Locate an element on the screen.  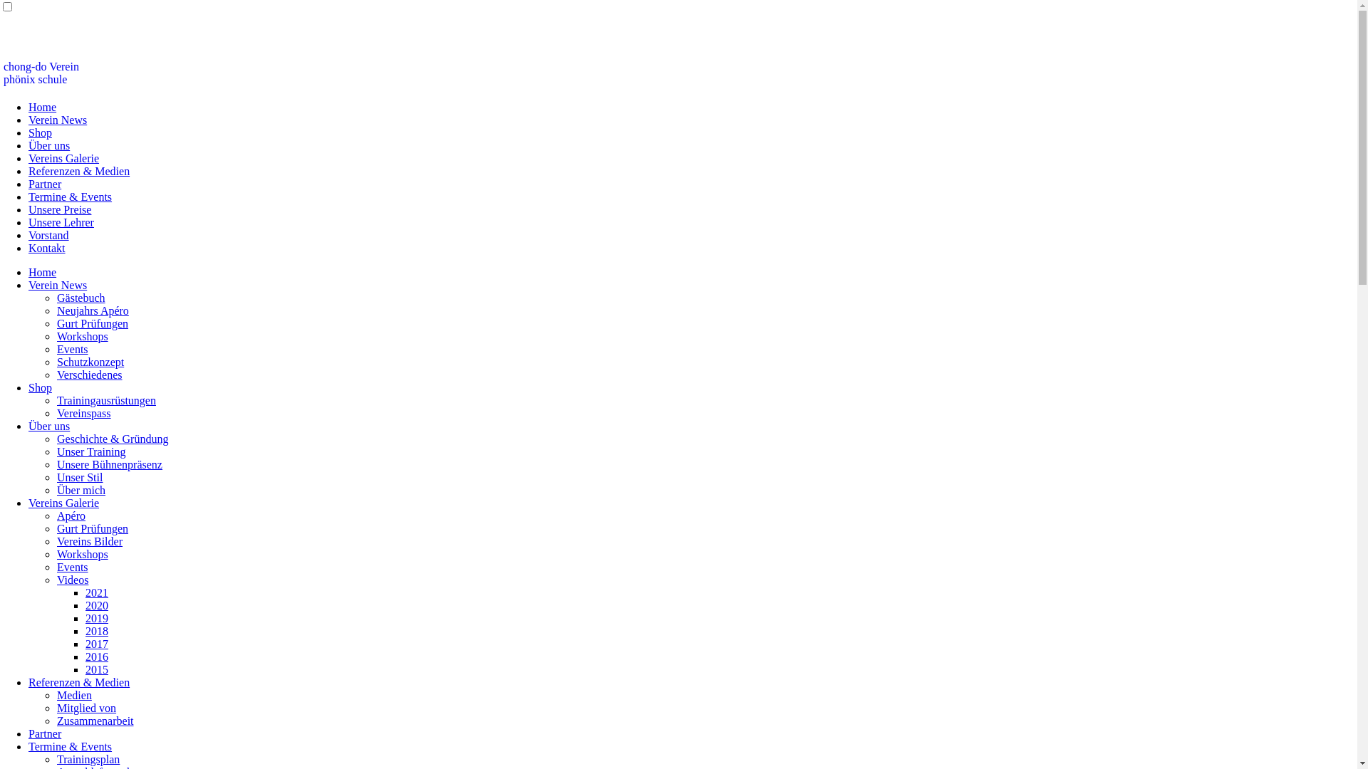
'2015' is located at coordinates (95, 669).